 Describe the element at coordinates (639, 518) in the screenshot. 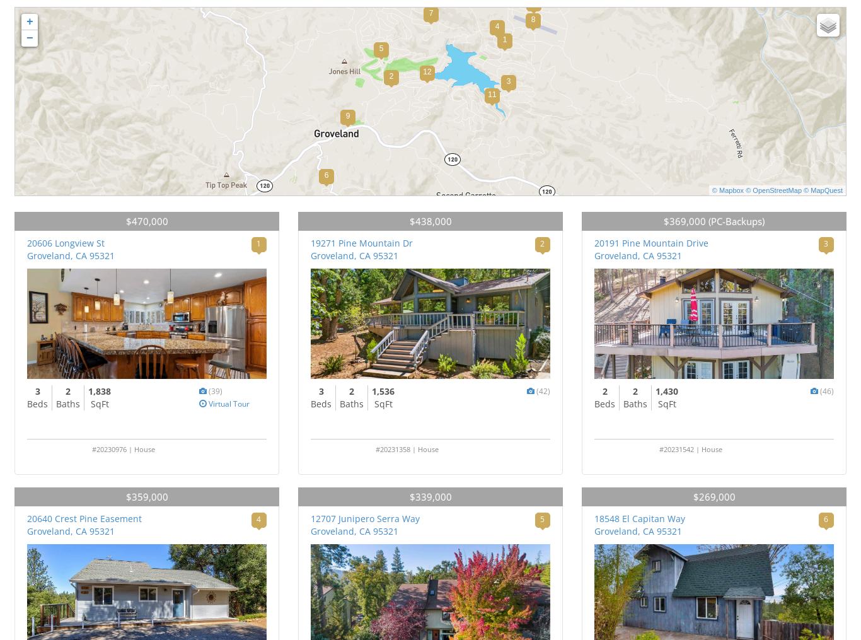

I see `'18548 El Capitan Way'` at that location.